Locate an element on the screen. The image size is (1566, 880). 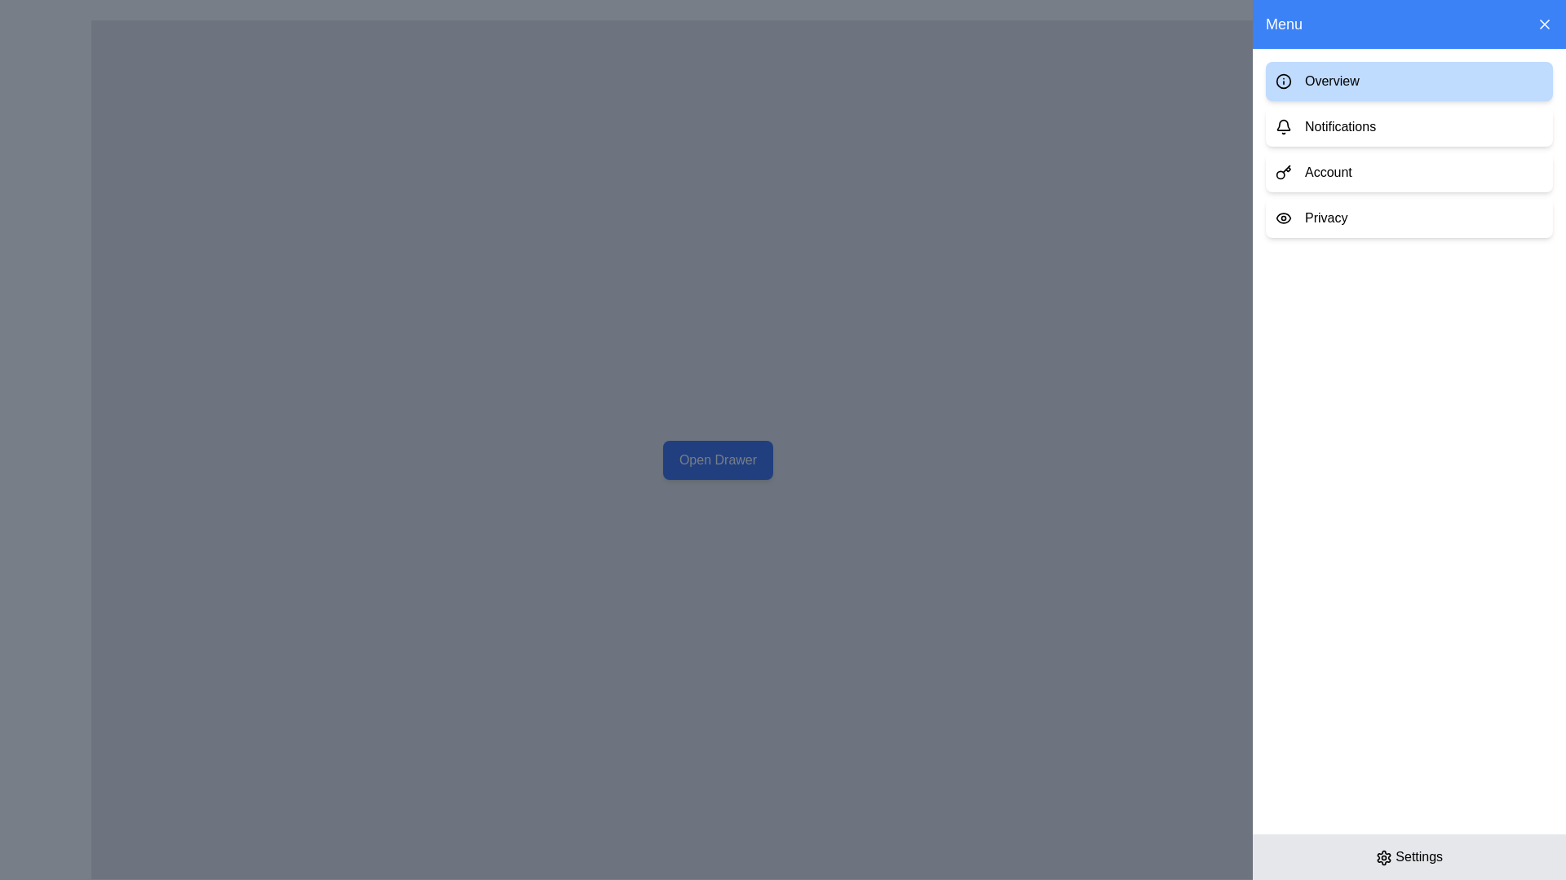
the rectangular button with rounded corners, blue background, and white text that says 'Open Drawer' is located at coordinates (718, 460).